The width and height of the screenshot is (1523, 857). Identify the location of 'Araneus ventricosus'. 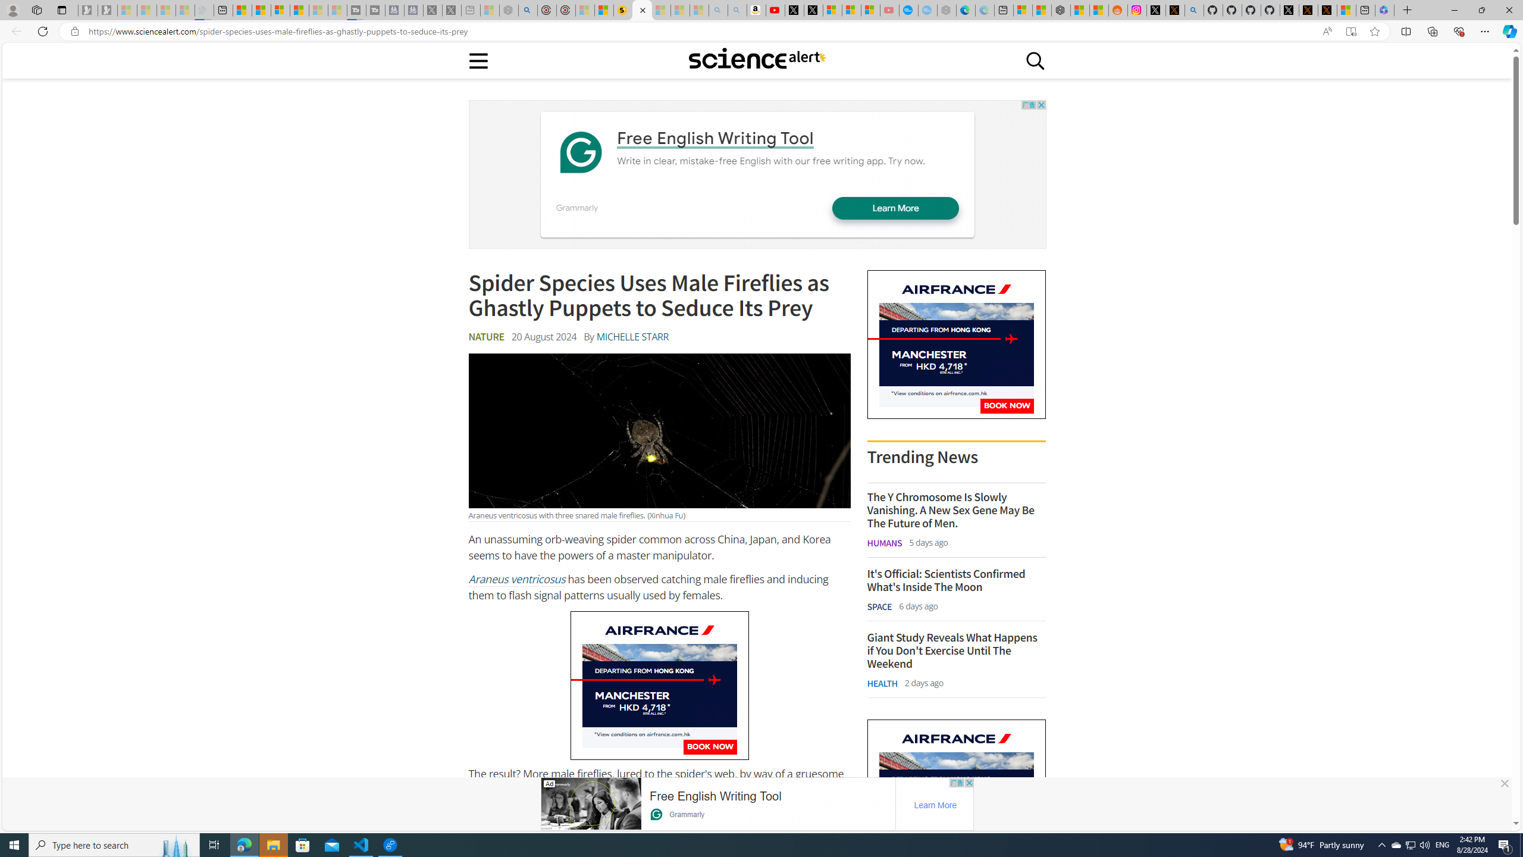
(516, 578).